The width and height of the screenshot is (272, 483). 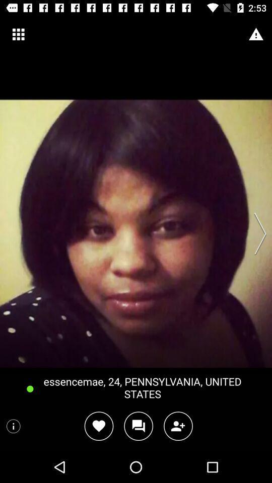 What do you see at coordinates (138, 426) in the screenshot?
I see `message user` at bounding box center [138, 426].